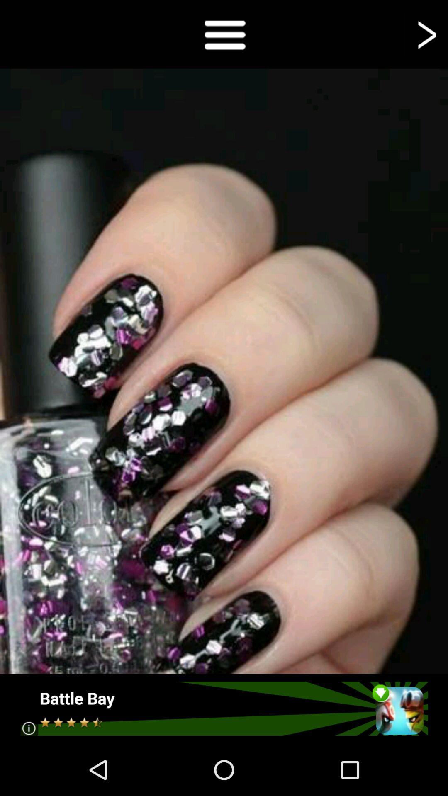 This screenshot has width=448, height=796. Describe the element at coordinates (223, 708) in the screenshot. I see `open the advertisement` at that location.